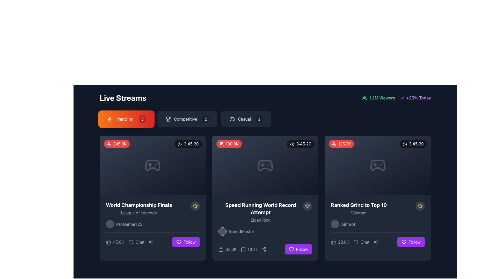 This screenshot has height=279, width=497. What do you see at coordinates (152, 198) in the screenshot?
I see `the 'Share' button located at the bottom of the interactive card element showcasing the live stream, which is positioned in the top-left corner of the grid layout` at bounding box center [152, 198].